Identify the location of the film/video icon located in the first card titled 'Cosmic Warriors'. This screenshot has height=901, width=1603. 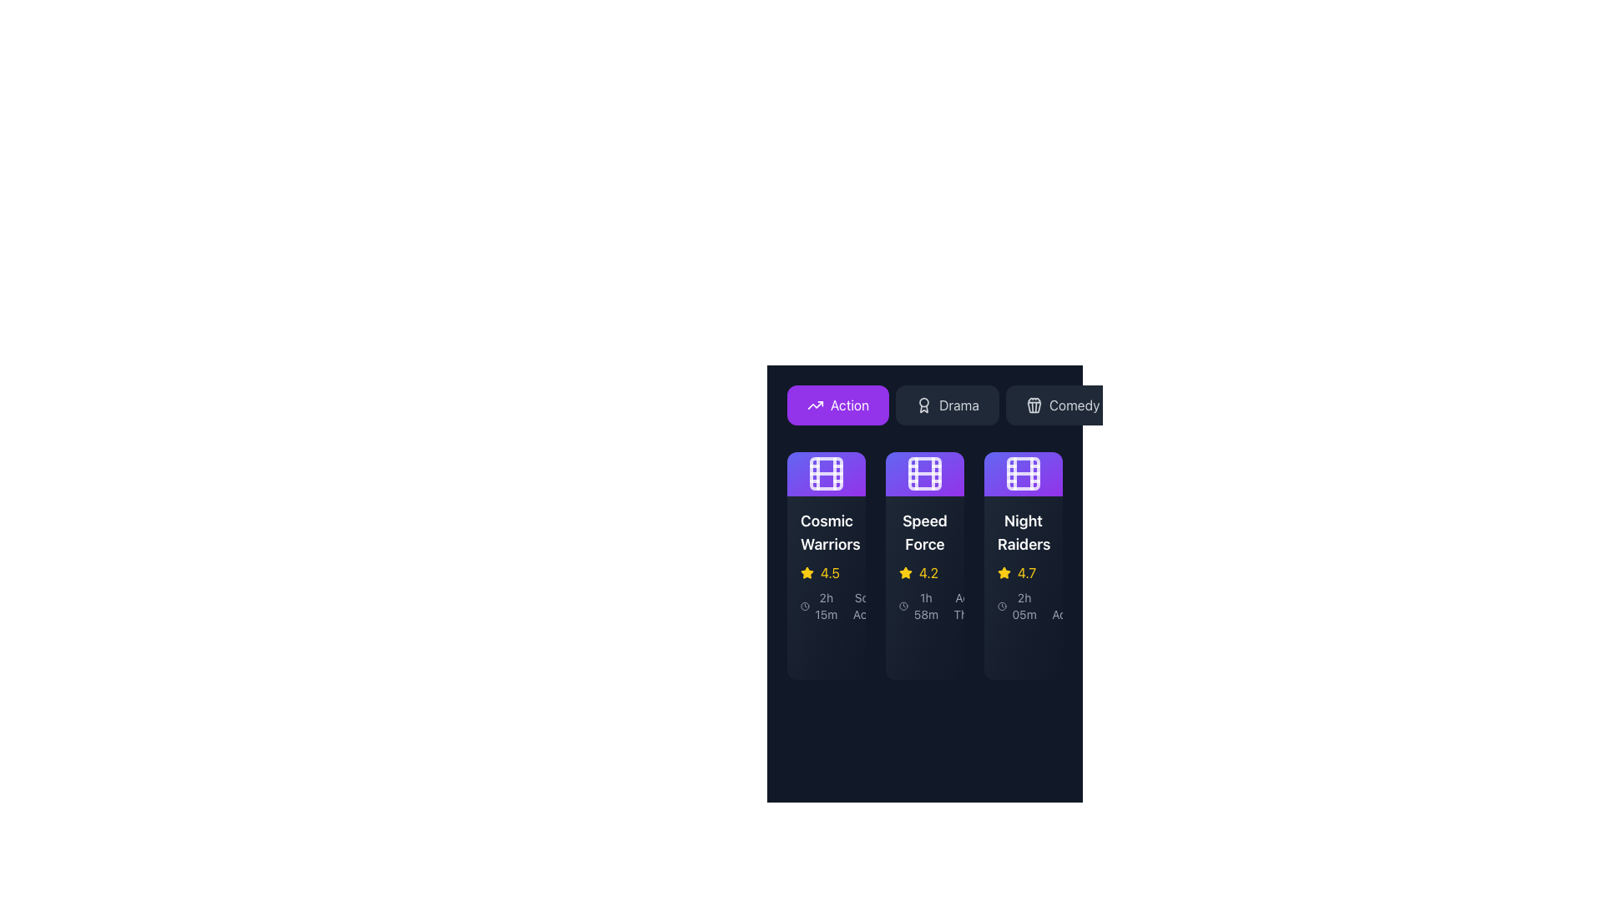
(826, 473).